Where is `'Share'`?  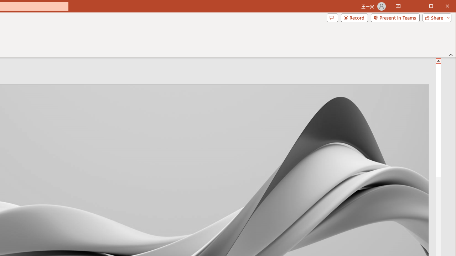
'Share' is located at coordinates (435, 17).